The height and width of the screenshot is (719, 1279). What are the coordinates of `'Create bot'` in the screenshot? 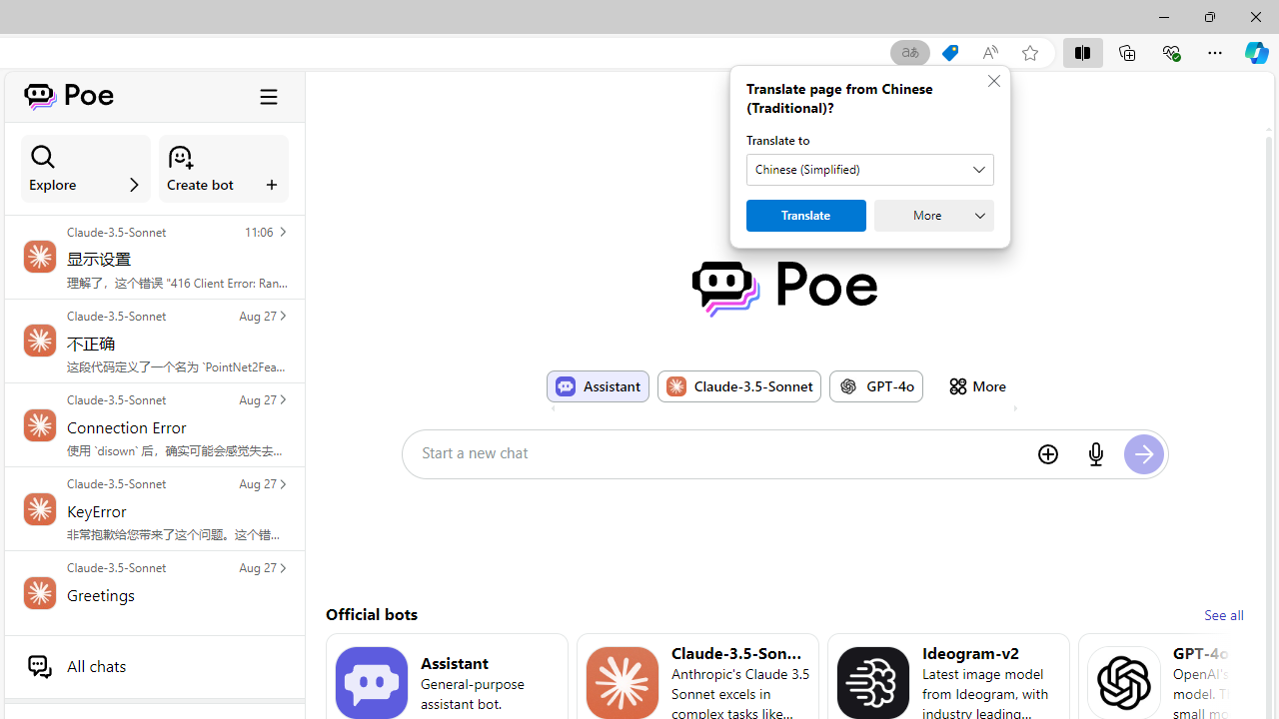 It's located at (224, 168).